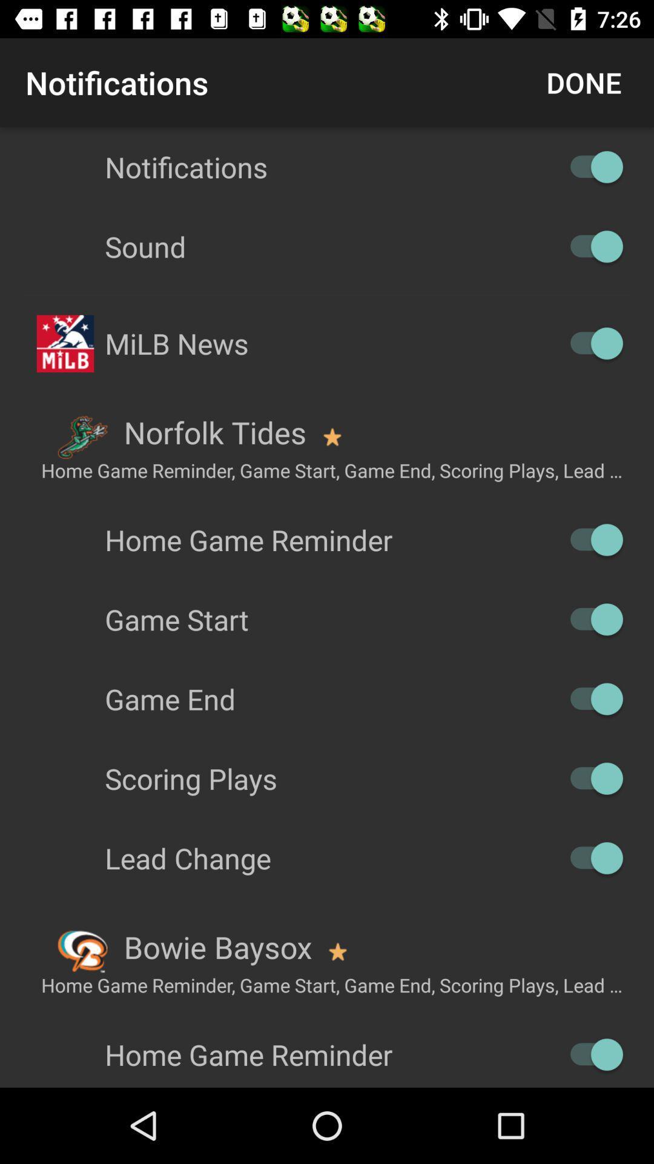 The image size is (654, 1164). I want to click on feature enable button, so click(590, 778).